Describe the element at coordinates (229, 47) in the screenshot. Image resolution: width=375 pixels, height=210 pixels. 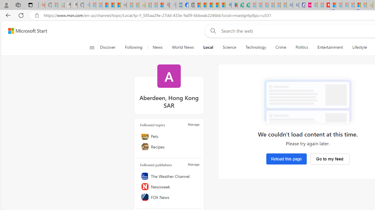
I see `'Science'` at that location.